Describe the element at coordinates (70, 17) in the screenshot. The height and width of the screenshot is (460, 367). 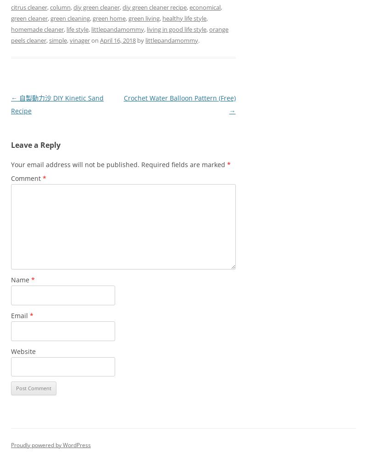
I see `'green cleaning'` at that location.